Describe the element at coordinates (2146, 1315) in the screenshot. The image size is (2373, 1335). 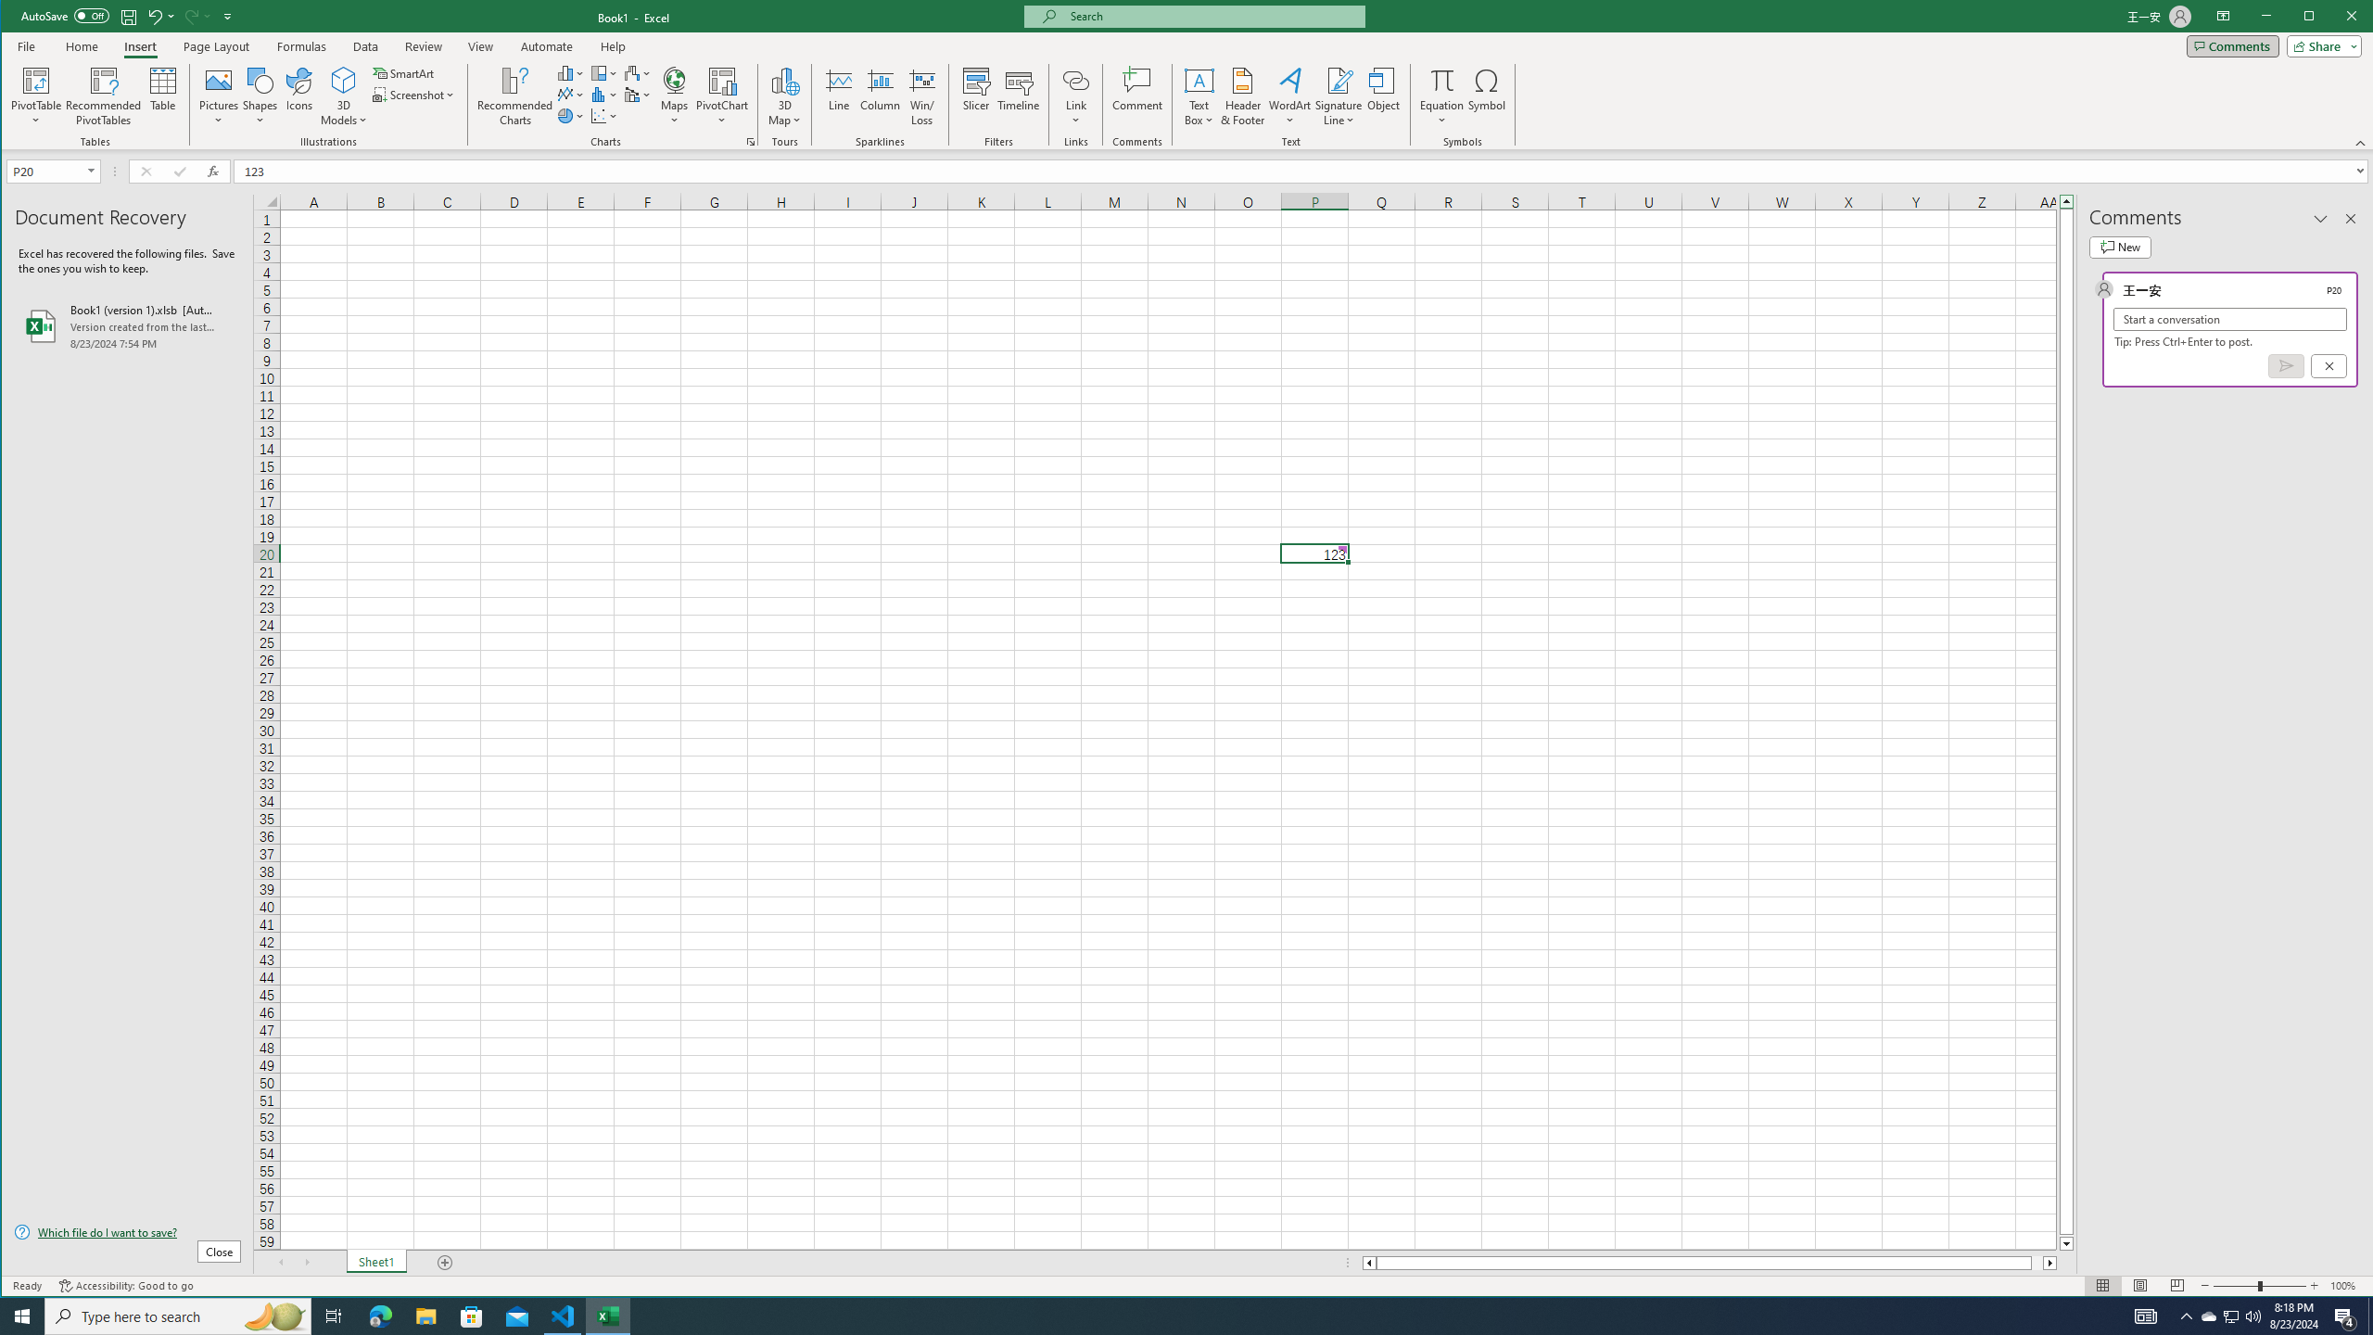
I see `'AutomationID: 4105'` at that location.